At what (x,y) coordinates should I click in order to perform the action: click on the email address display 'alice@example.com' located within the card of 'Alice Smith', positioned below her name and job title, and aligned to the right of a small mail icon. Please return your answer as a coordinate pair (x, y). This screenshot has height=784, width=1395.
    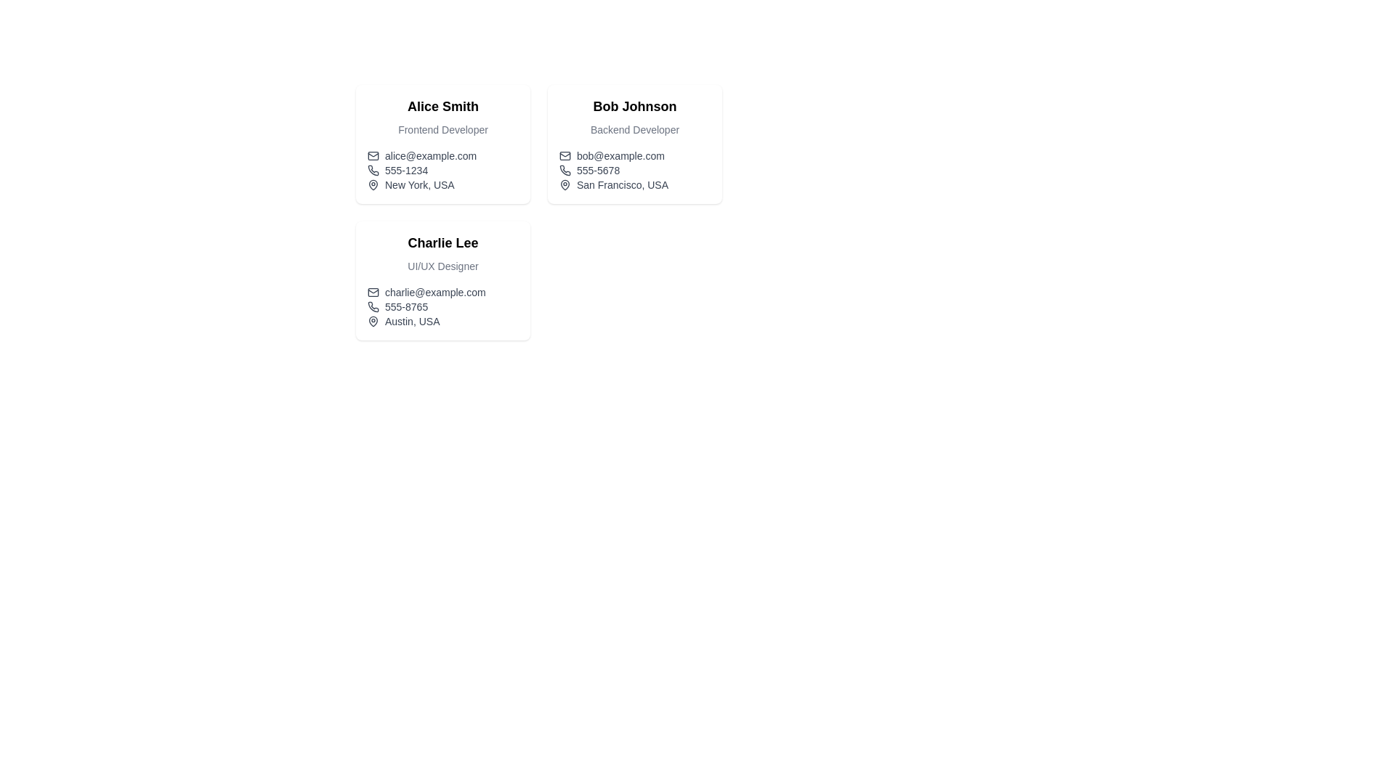
    Looking at the image, I should click on (430, 156).